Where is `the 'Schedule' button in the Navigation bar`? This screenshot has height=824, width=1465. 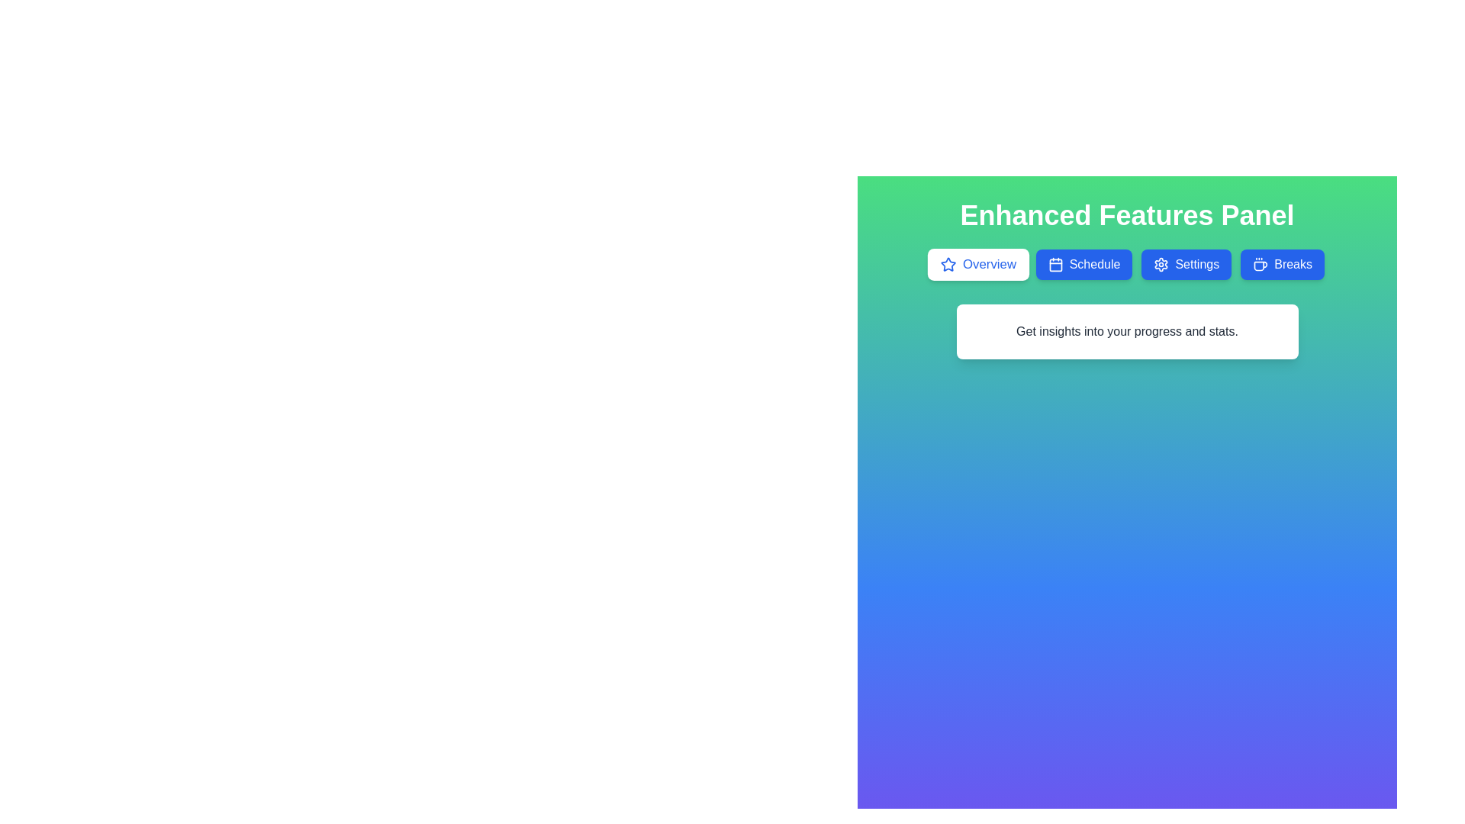 the 'Schedule' button in the Navigation bar is located at coordinates (1127, 264).